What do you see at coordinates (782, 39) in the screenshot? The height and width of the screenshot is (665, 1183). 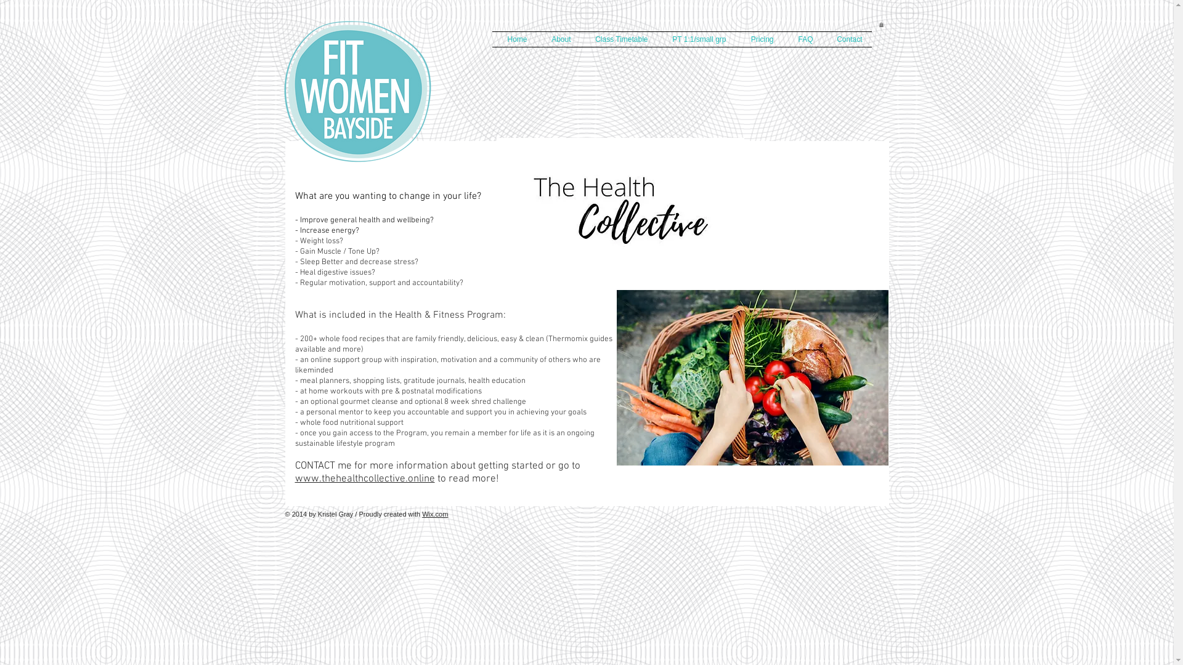 I see `'FAQ'` at bounding box center [782, 39].